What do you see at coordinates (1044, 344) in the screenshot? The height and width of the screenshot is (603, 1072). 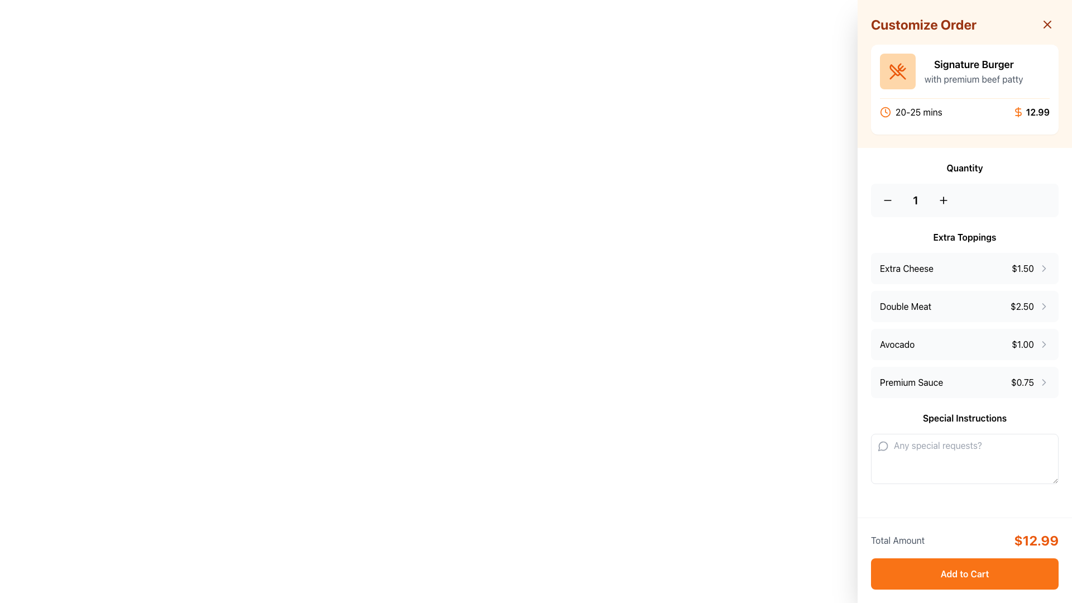 I see `the right-facing chevron icon located on the right side of the 'Avocado $1.00' row in the 'Extra Toppings' section` at bounding box center [1044, 344].